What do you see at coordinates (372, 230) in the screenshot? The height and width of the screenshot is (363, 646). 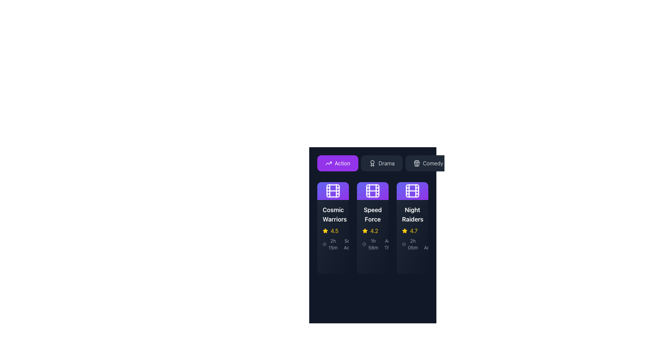 I see `rating content of the star icon and text element indicating a rating of '4.2' located in the second movie card from the left` at bounding box center [372, 230].